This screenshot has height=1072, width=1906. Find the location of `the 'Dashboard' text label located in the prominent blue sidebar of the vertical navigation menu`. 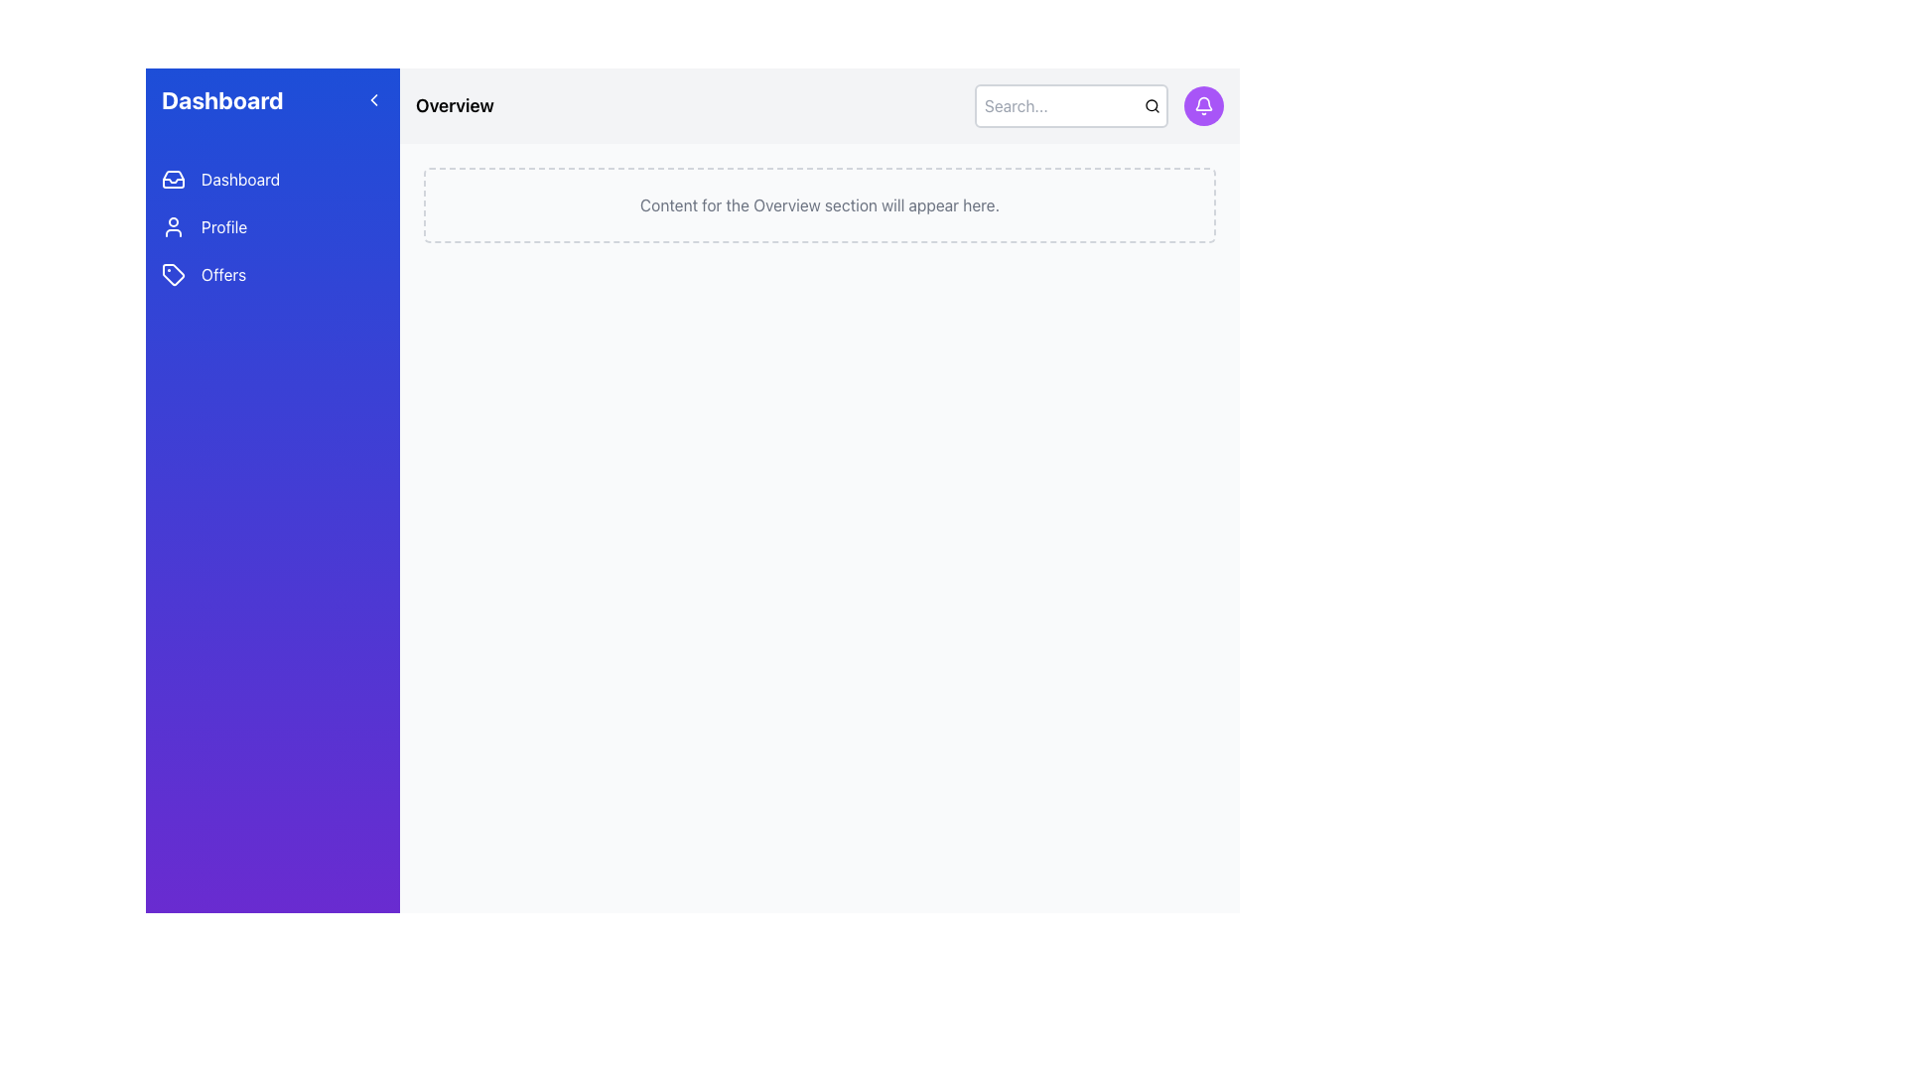

the 'Dashboard' text label located in the prominent blue sidebar of the vertical navigation menu is located at coordinates (239, 180).